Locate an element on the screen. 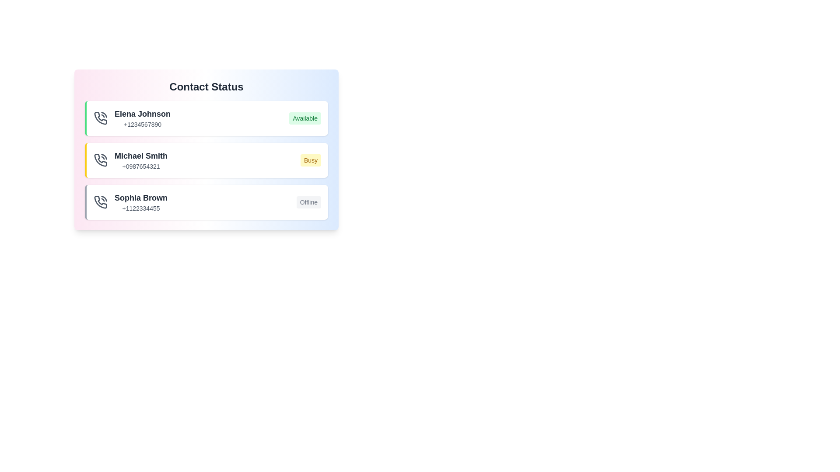  the contact named Sophia Brown to edit their details is located at coordinates (206, 202).